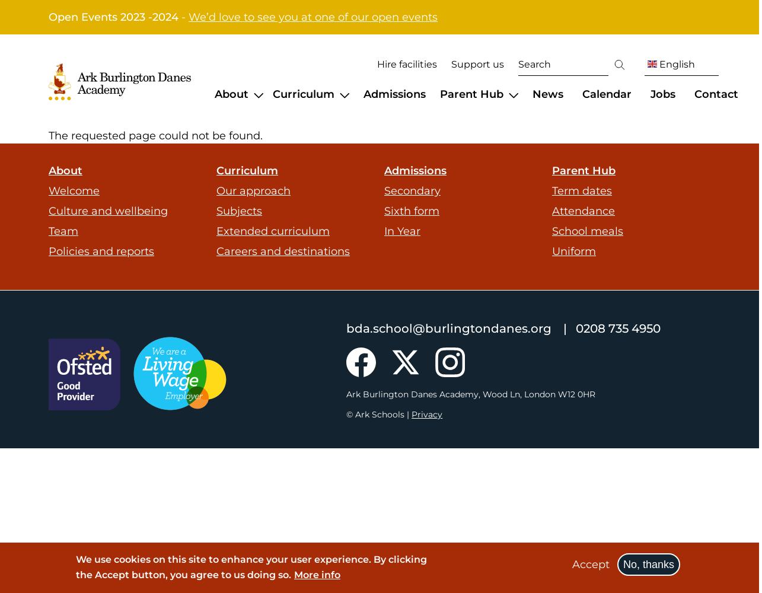  I want to click on 'Parent Working Group', so click(630, 168).